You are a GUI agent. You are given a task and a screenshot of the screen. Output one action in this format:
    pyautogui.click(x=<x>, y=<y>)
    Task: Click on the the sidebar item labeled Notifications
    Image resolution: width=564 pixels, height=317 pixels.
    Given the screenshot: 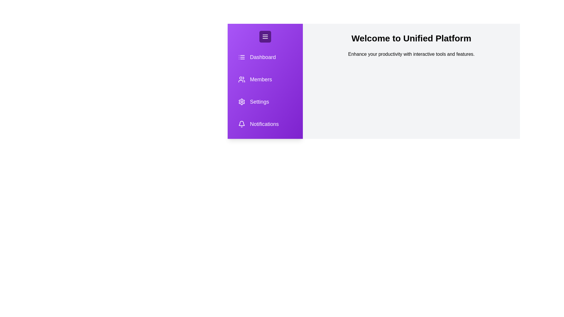 What is the action you would take?
    pyautogui.click(x=265, y=124)
    